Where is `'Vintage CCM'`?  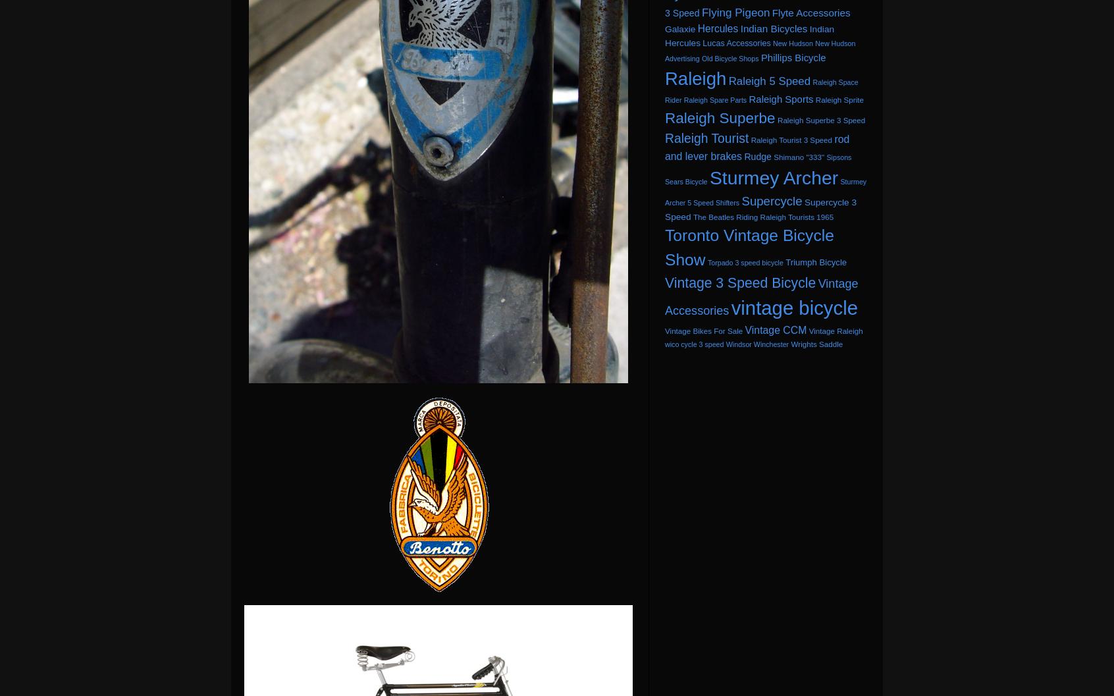 'Vintage CCM' is located at coordinates (774, 329).